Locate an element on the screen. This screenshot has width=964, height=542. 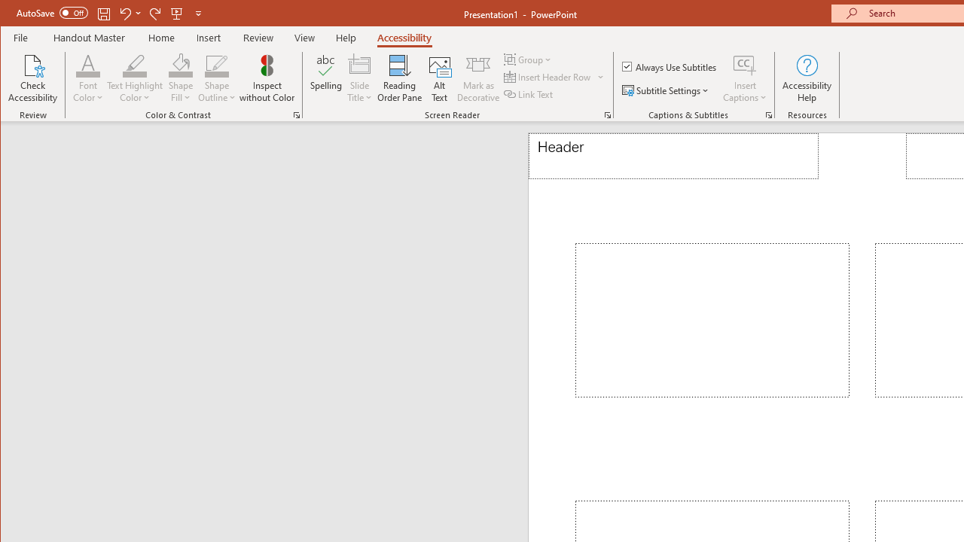
'Group' is located at coordinates (529, 59).